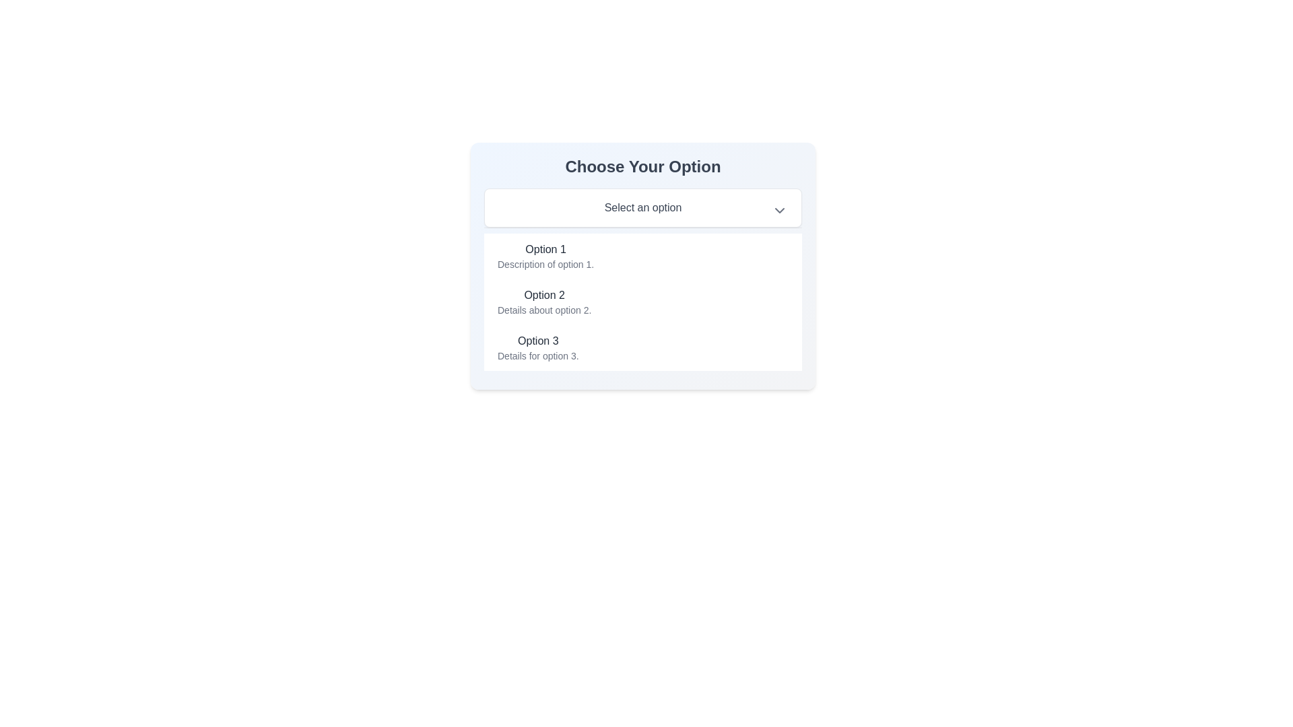 The height and width of the screenshot is (727, 1293). Describe the element at coordinates (545, 265) in the screenshot. I see `the descriptive Text label located directly beneath 'Option 1' in the dropdown-style list view` at that location.